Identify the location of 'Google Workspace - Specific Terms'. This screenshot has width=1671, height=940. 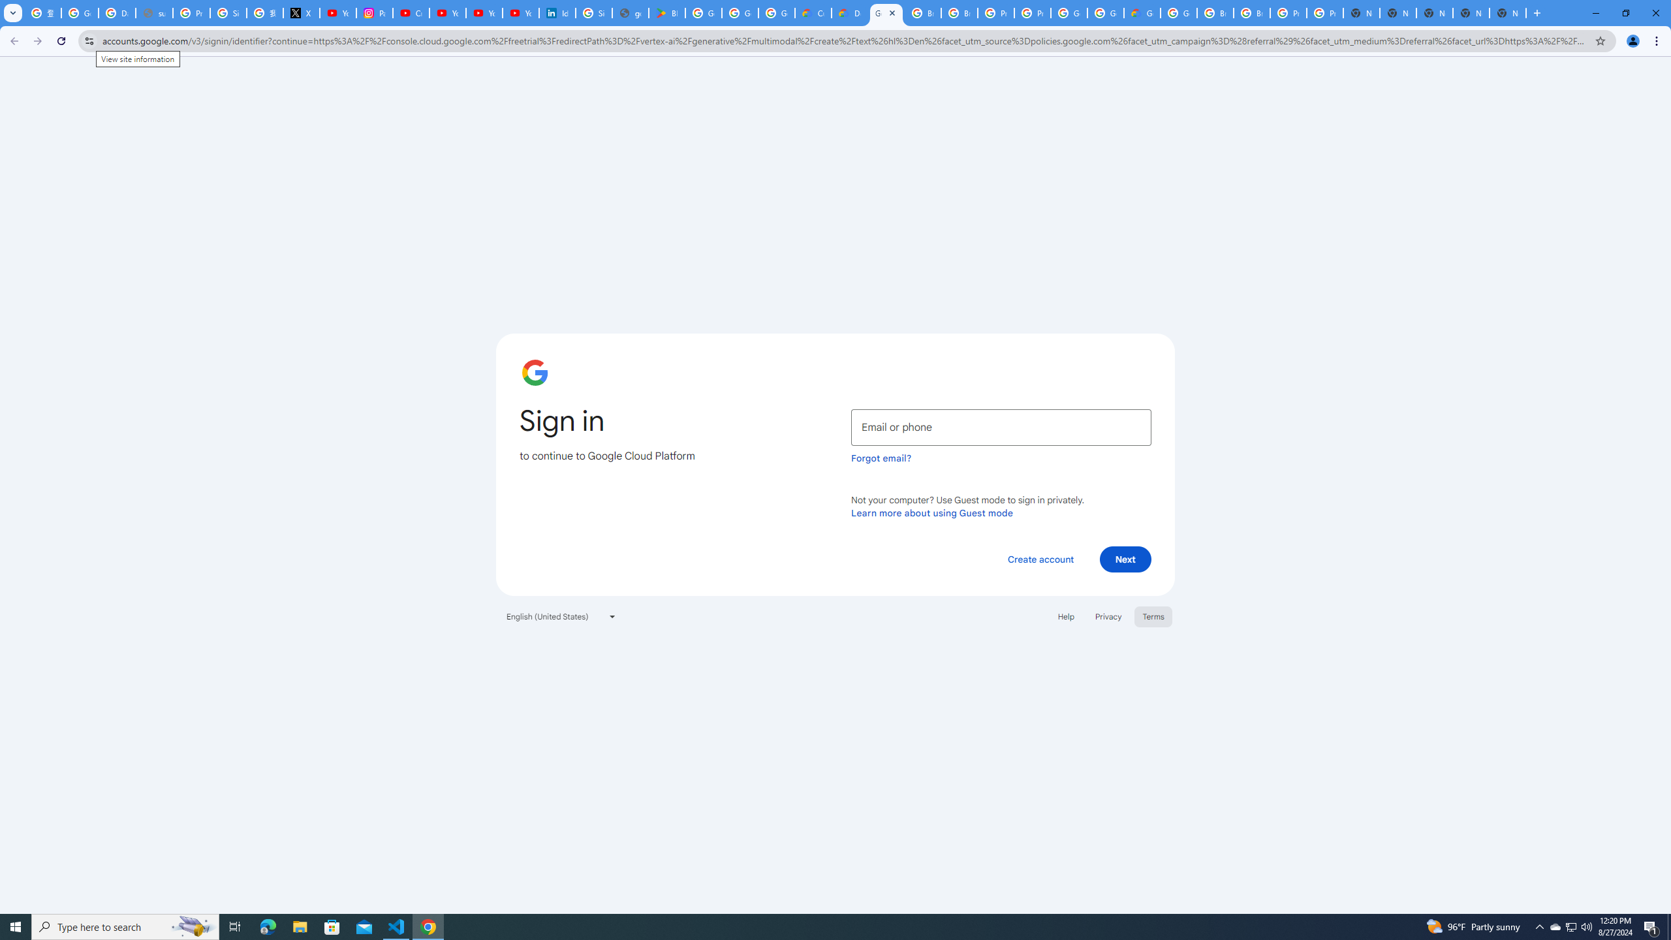
(740, 12).